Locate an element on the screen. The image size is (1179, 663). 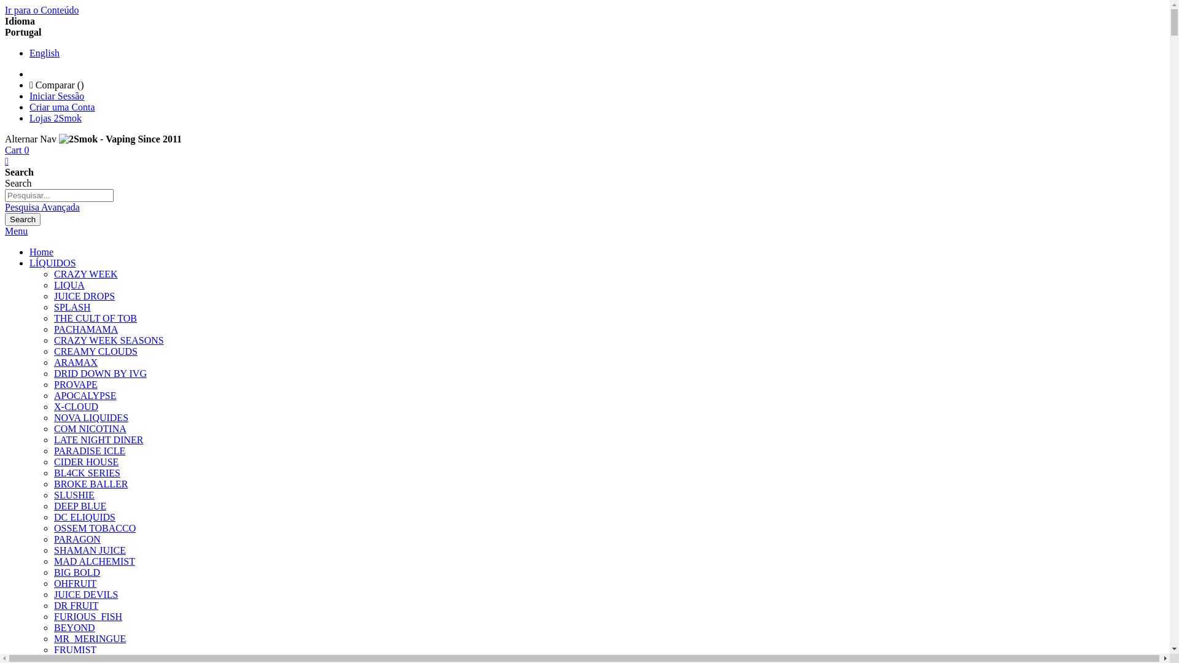
'NOVA LIQUIDES' is located at coordinates (53, 417).